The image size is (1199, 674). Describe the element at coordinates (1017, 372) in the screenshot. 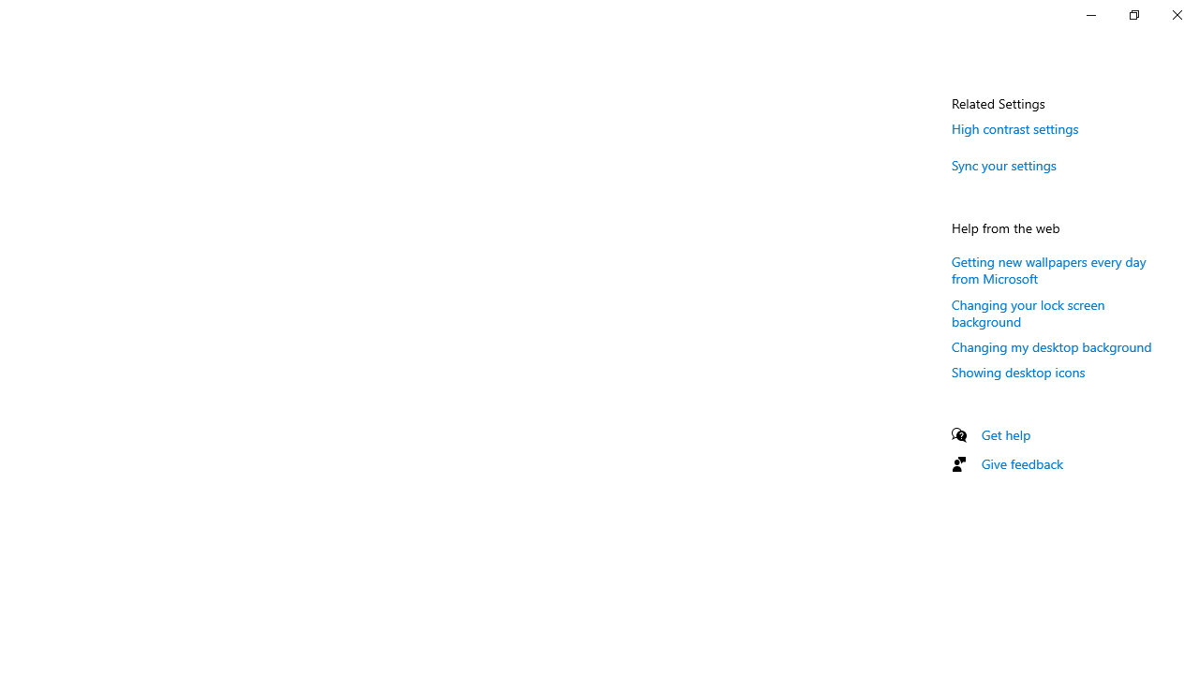

I see `'Showing desktop icons'` at that location.